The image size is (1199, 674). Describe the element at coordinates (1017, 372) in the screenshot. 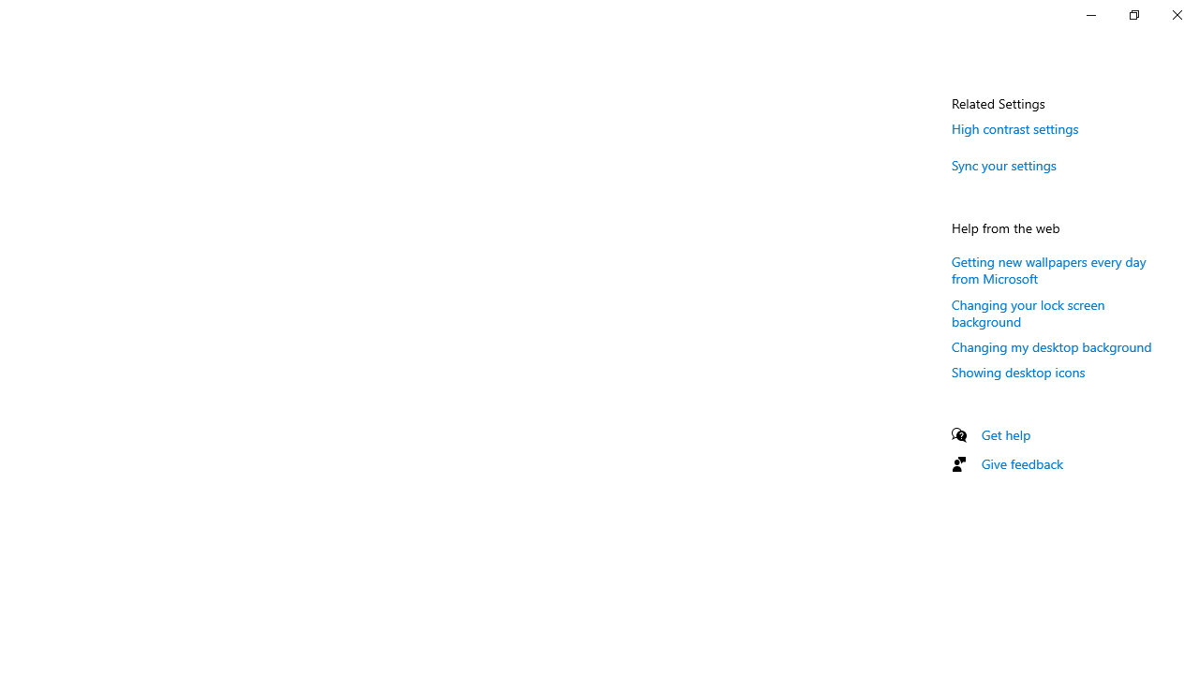

I see `'Showing desktop icons'` at that location.